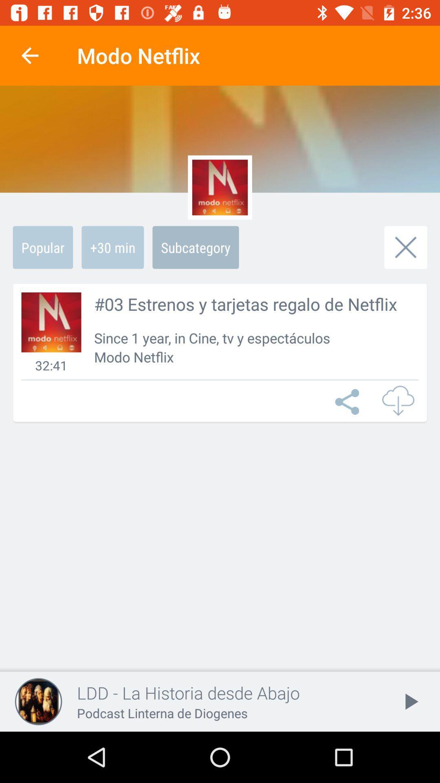 The height and width of the screenshot is (783, 440). Describe the element at coordinates (410, 701) in the screenshot. I see `the play icon` at that location.